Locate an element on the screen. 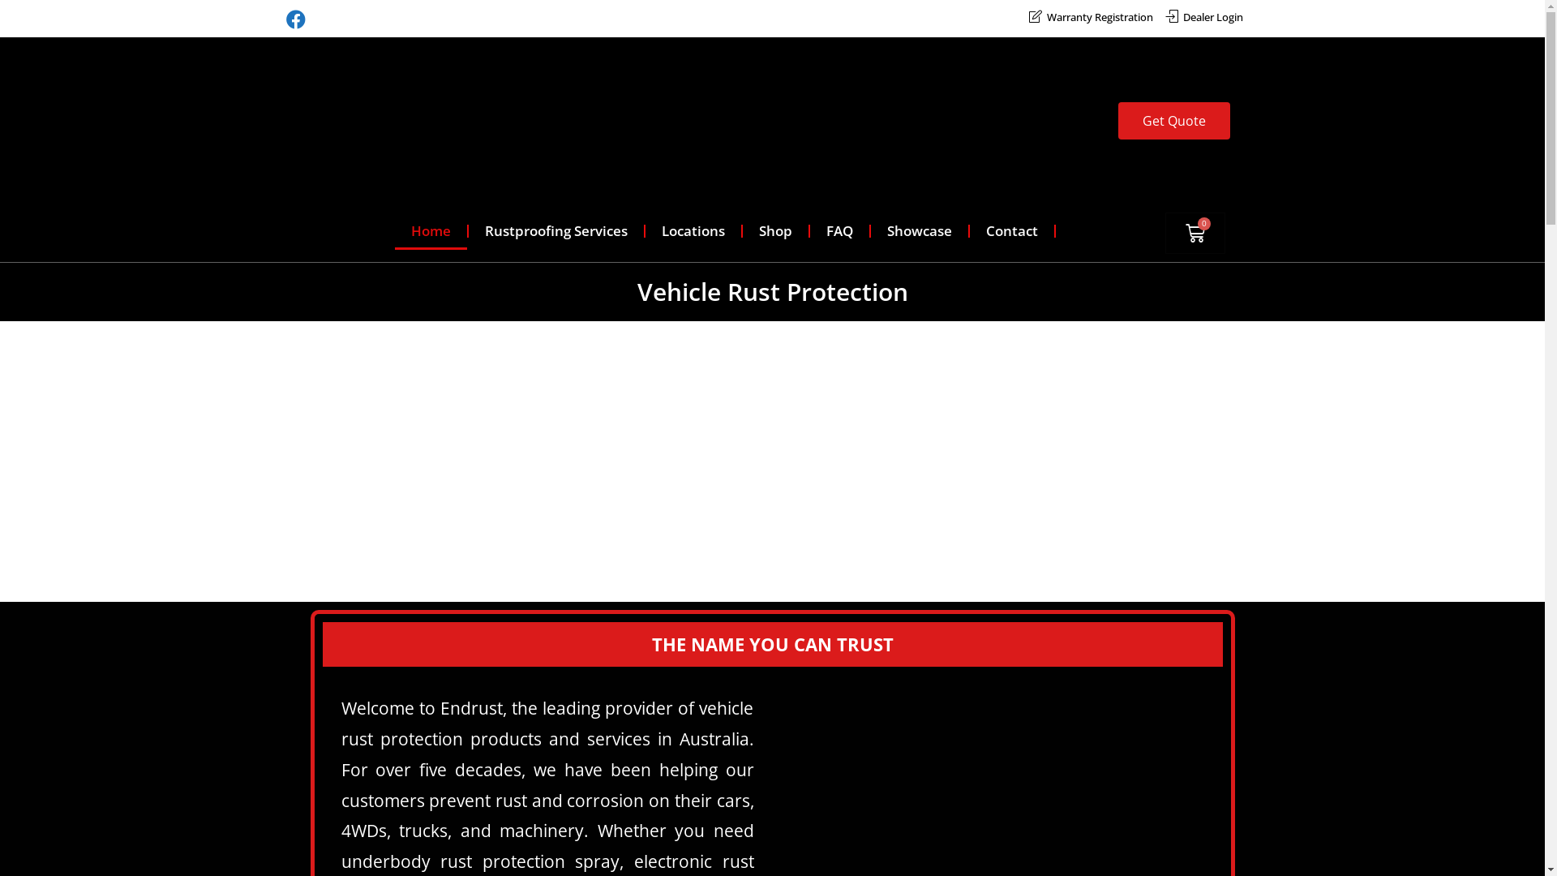 The height and width of the screenshot is (876, 1557). 'Dealer Login' is located at coordinates (1203, 17).